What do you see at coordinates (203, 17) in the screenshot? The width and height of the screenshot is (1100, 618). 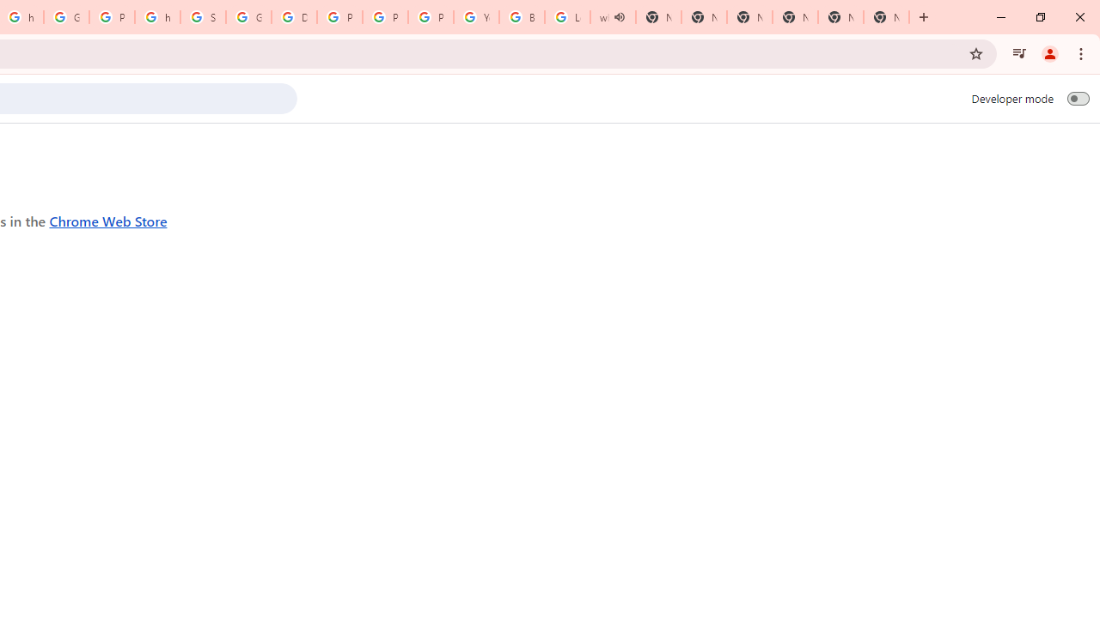 I see `'Sign in - Google Accounts'` at bounding box center [203, 17].